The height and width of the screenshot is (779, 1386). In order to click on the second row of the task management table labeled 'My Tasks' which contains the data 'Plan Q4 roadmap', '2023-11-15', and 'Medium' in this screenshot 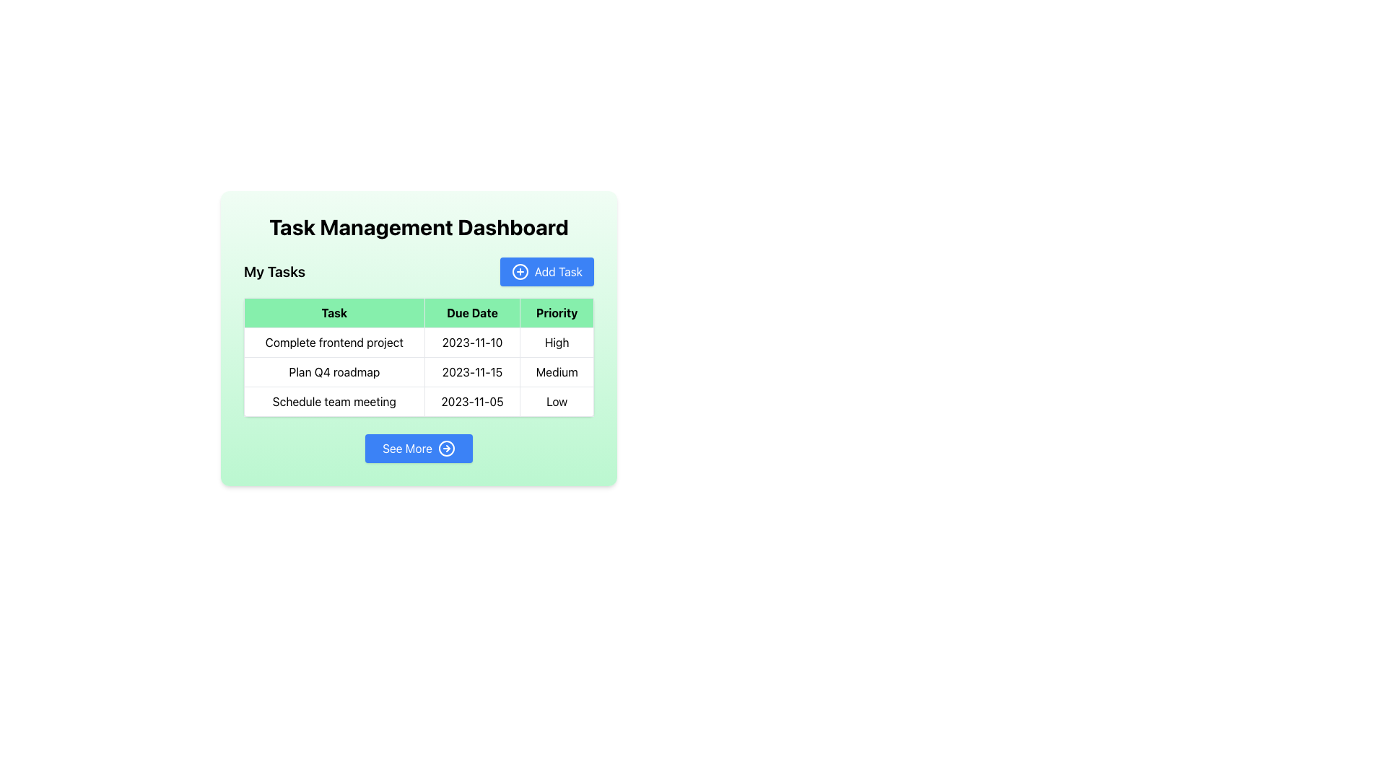, I will do `click(418, 371)`.